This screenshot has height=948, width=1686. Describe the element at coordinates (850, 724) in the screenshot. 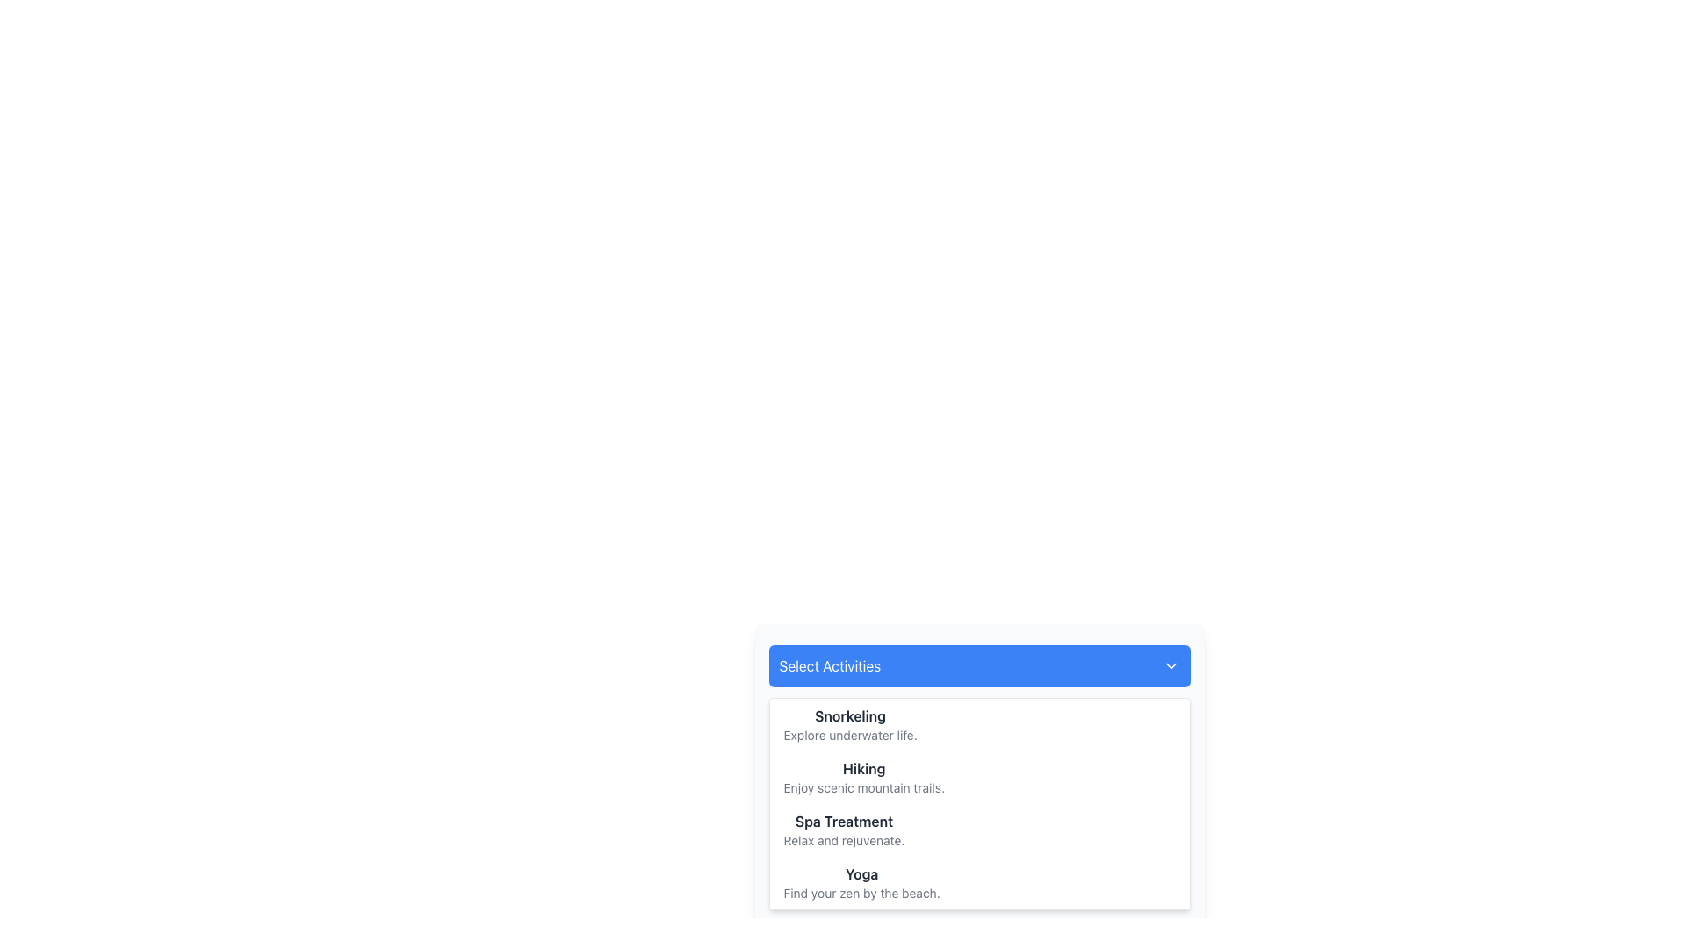

I see `the first textual list item titled 'Snorkeling' with the subtitle 'Explore underwater life'` at that location.